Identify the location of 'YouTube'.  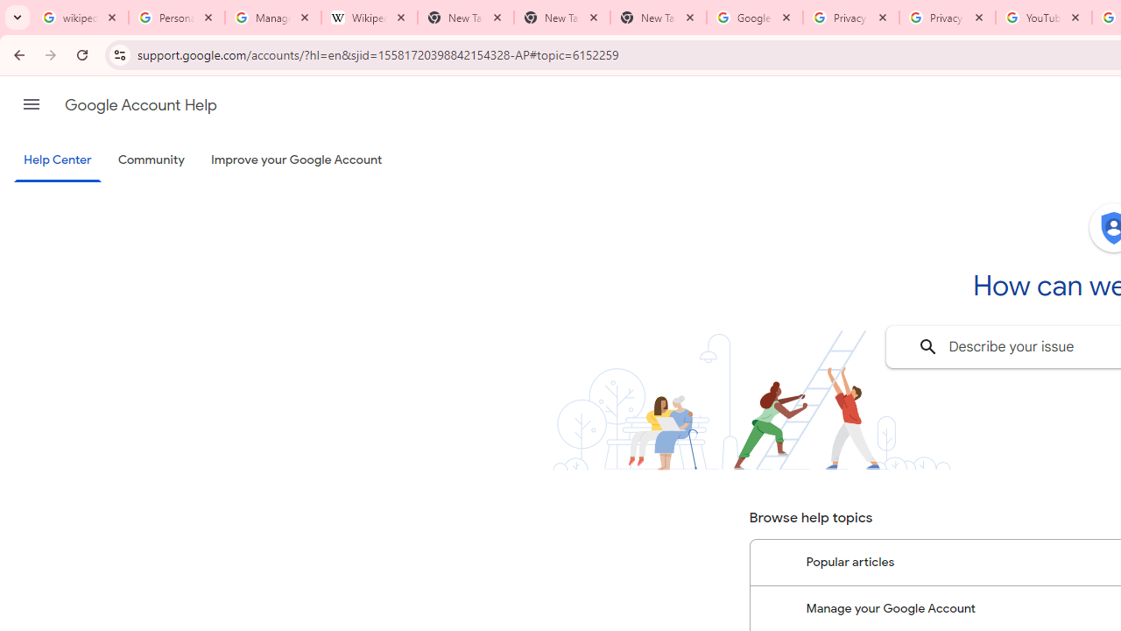
(1043, 18).